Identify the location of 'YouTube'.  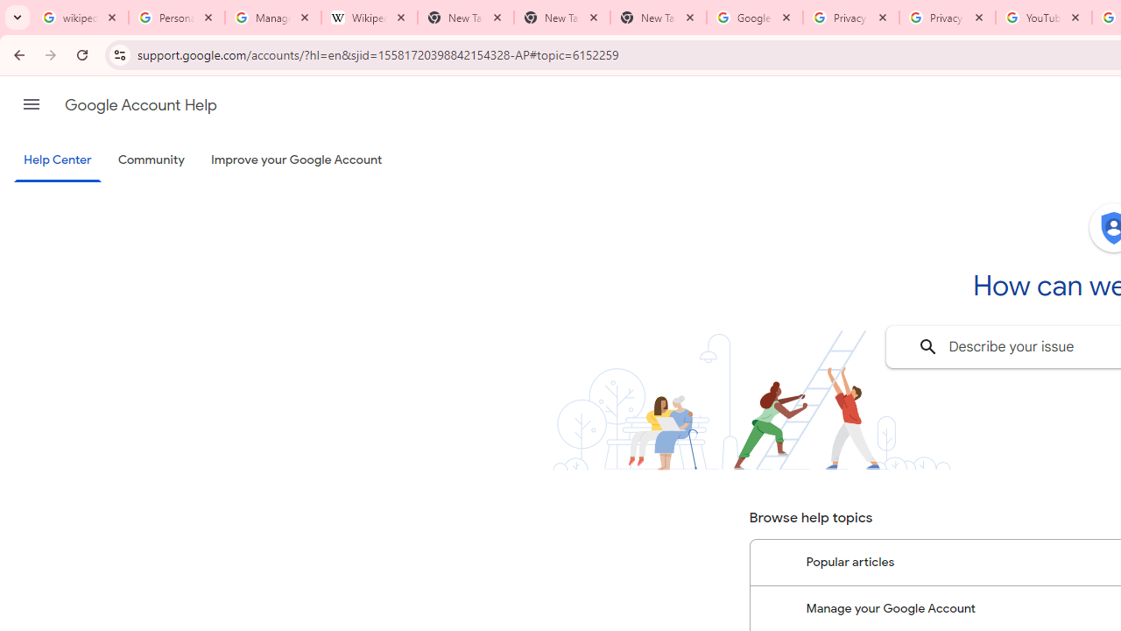
(1043, 18).